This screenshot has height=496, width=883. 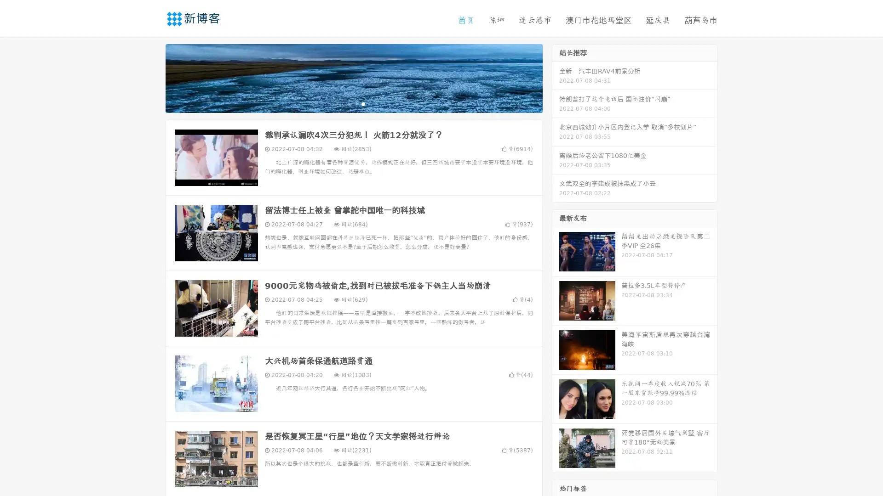 What do you see at coordinates (152, 77) in the screenshot?
I see `Previous slide` at bounding box center [152, 77].